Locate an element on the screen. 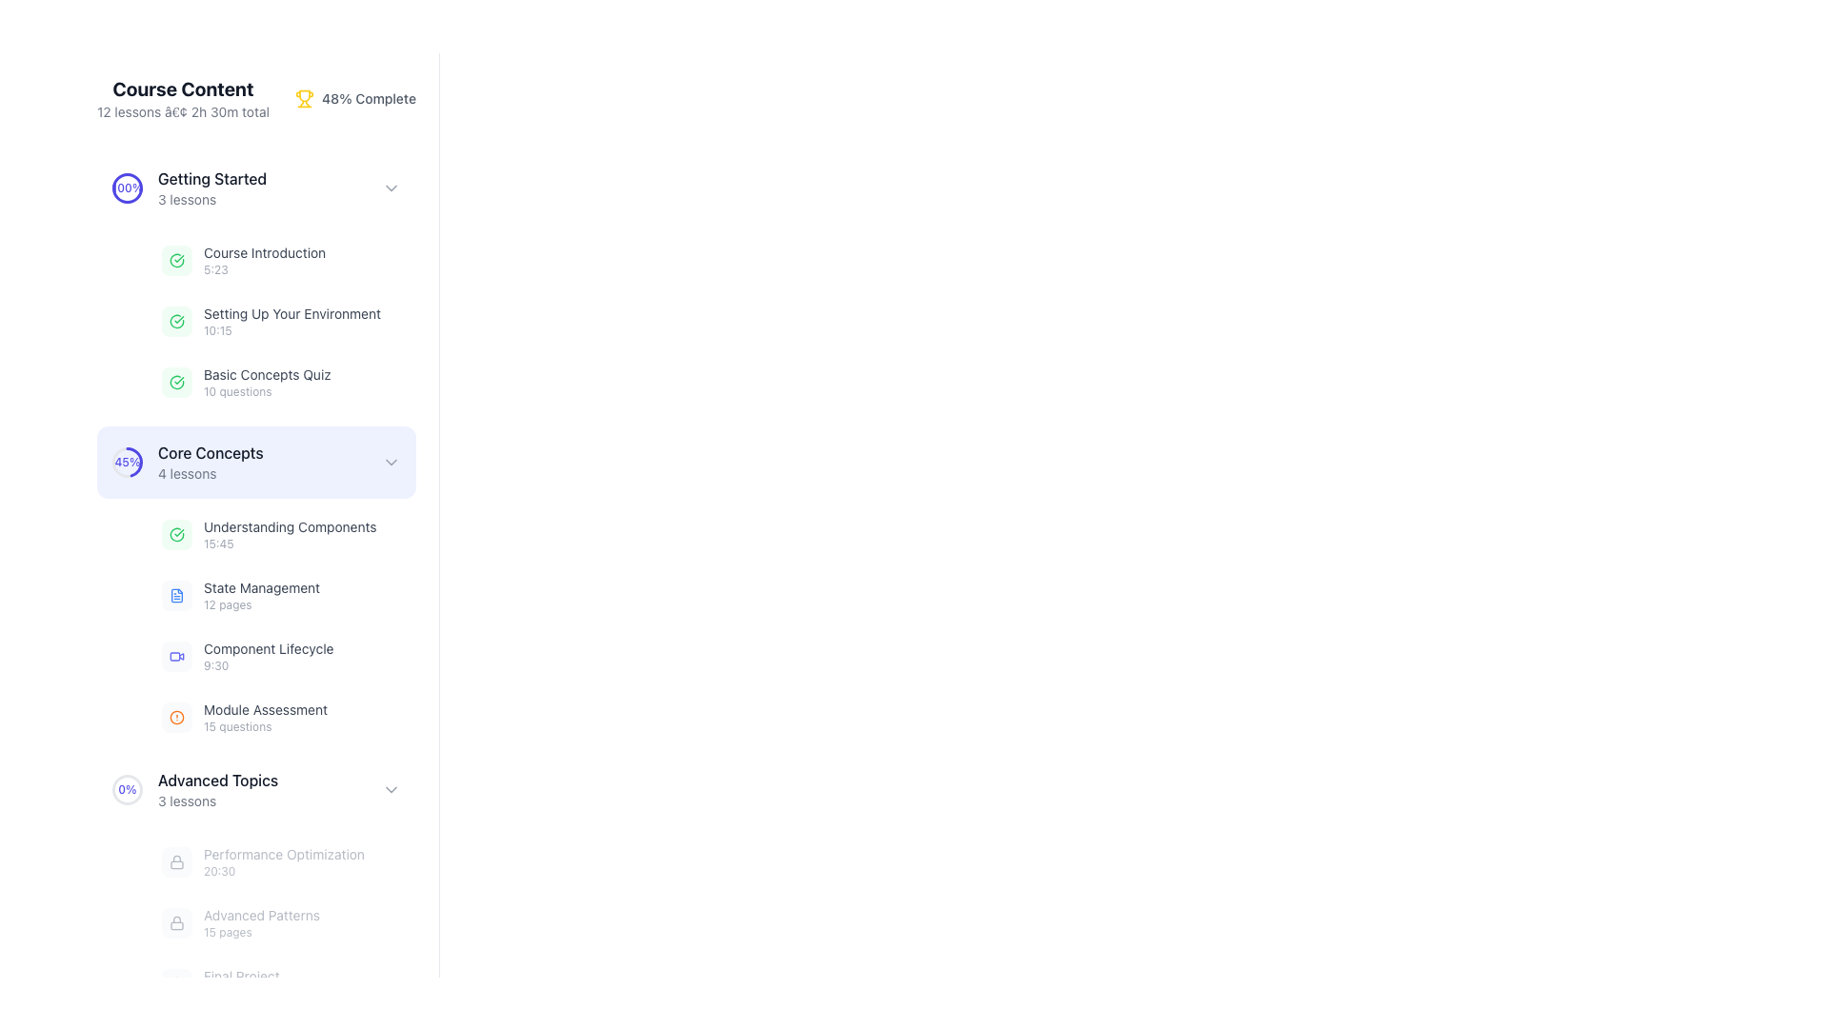  the first green check icon indicating the completion status of the 'Course Introduction' lesson located in the 'Course Content' sidebar under 'Getting Started' is located at coordinates (177, 321).